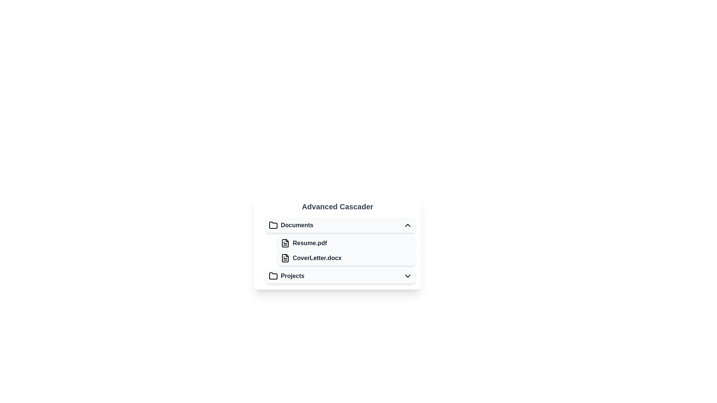  What do you see at coordinates (346, 243) in the screenshot?
I see `the list item labeled 'Resume.pdf'` at bounding box center [346, 243].